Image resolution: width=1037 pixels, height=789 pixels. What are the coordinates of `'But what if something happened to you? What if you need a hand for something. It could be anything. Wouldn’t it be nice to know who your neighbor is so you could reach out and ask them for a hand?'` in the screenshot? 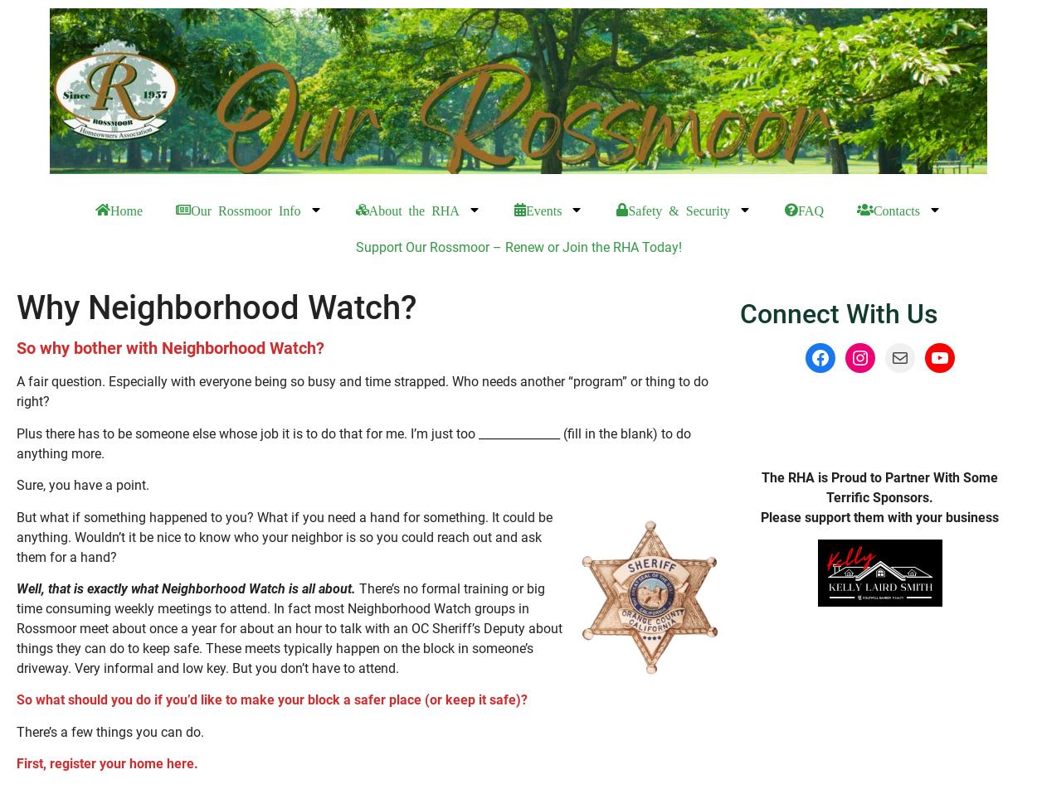 It's located at (284, 536).